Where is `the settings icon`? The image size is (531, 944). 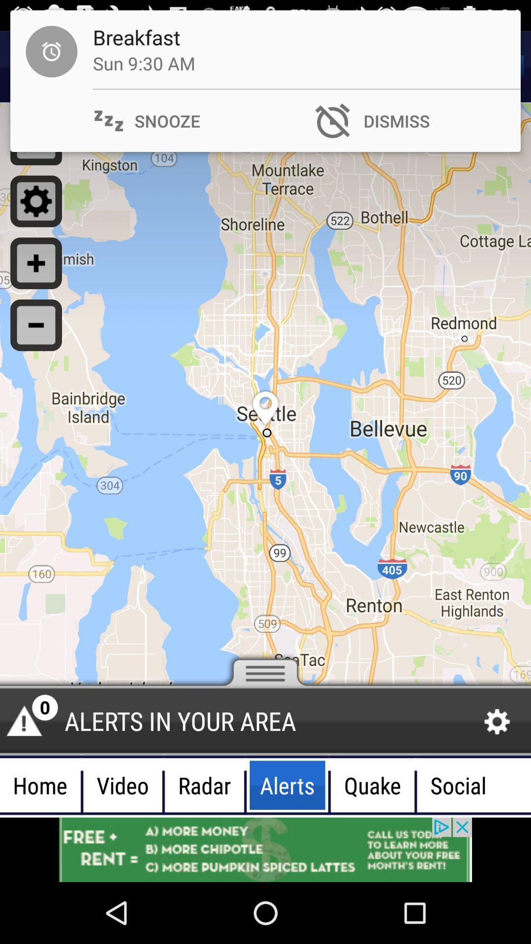
the settings icon is located at coordinates (497, 722).